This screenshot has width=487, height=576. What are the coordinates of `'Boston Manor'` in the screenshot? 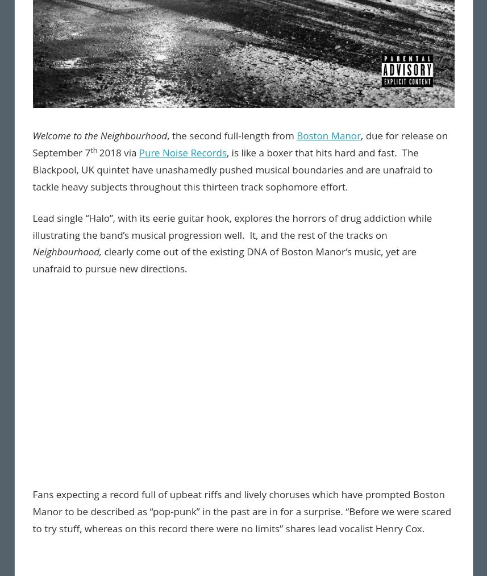 It's located at (328, 135).